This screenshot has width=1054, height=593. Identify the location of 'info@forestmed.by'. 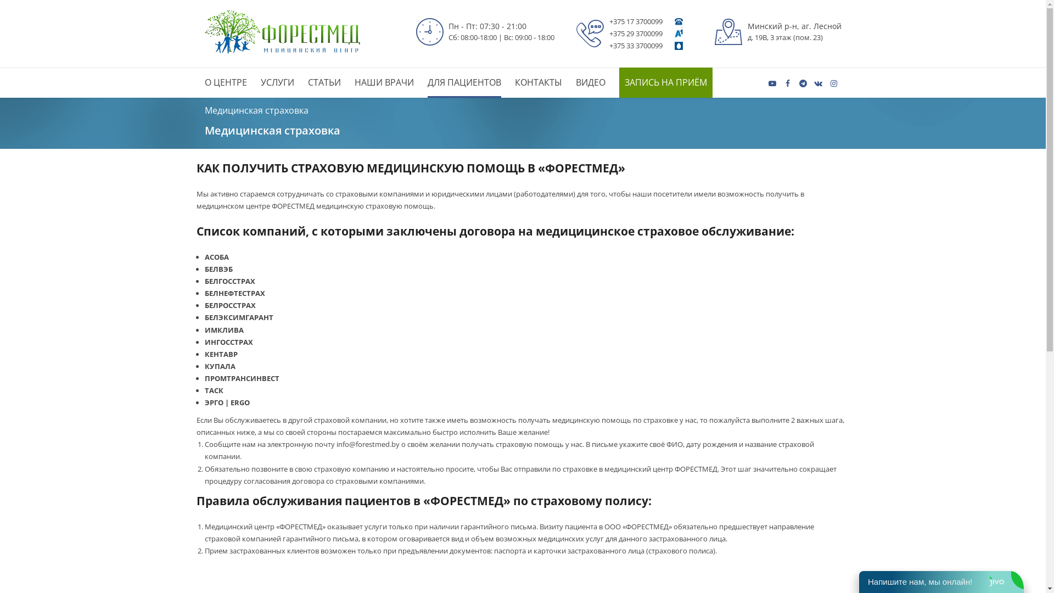
(368, 444).